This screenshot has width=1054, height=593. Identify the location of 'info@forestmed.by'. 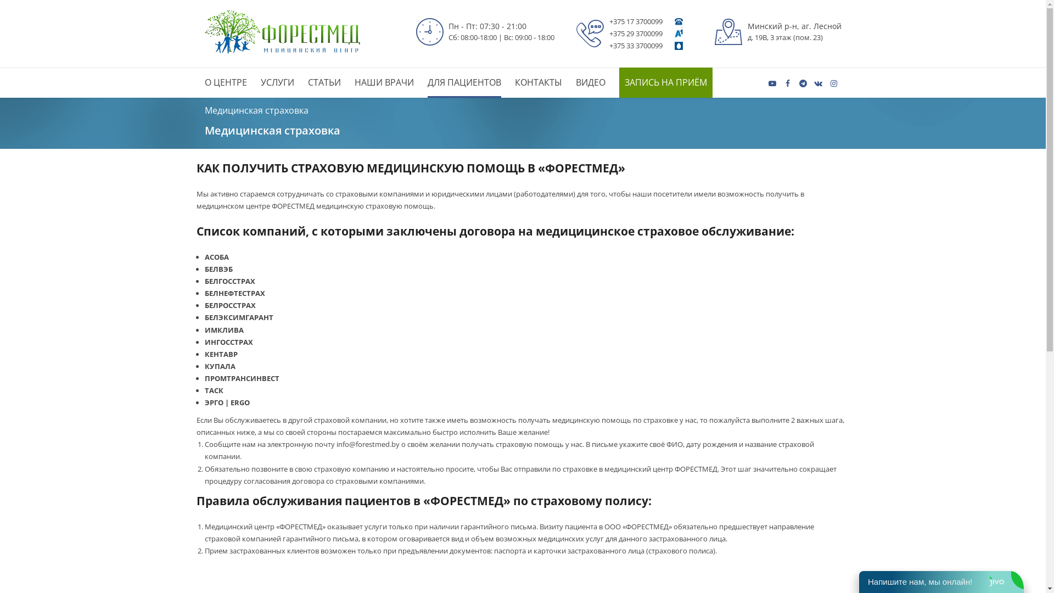
(368, 444).